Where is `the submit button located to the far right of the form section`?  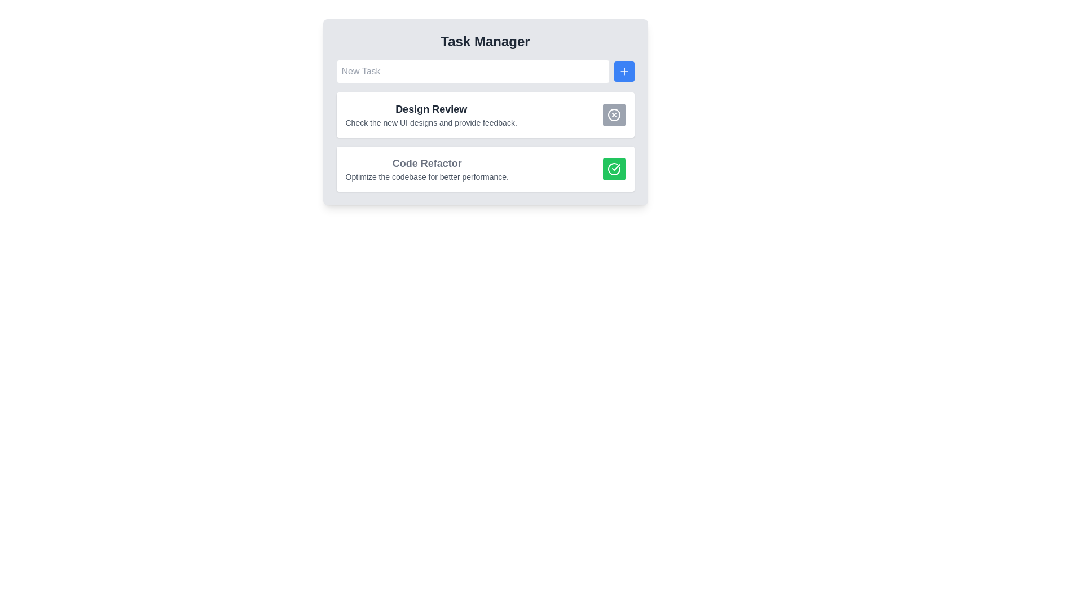
the submit button located to the far right of the form section is located at coordinates (623, 72).